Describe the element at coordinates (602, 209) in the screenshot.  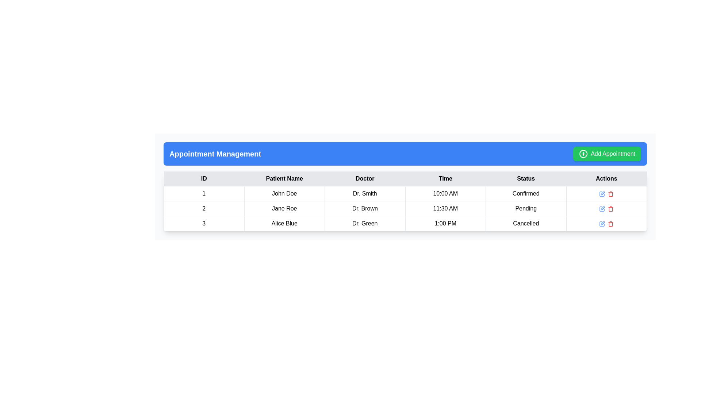
I see `the edit icon button in the 'Actions' column of the second row in the 'Appointment Management' table to initiate editing of the appointment details` at that location.